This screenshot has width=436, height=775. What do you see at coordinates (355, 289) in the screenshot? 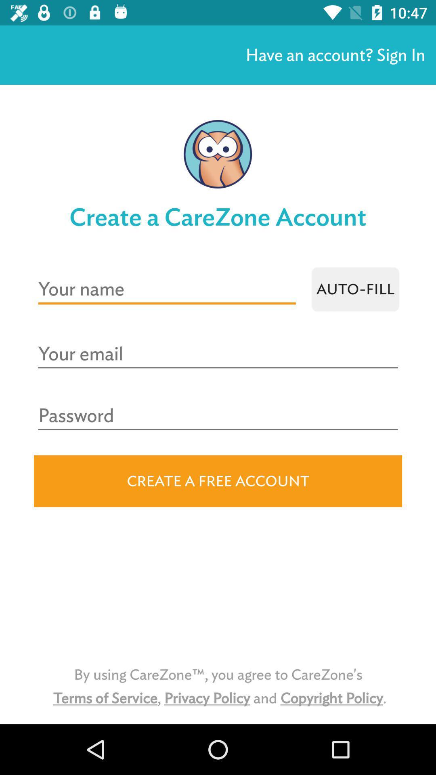
I see `the auto-fill on the right` at bounding box center [355, 289].